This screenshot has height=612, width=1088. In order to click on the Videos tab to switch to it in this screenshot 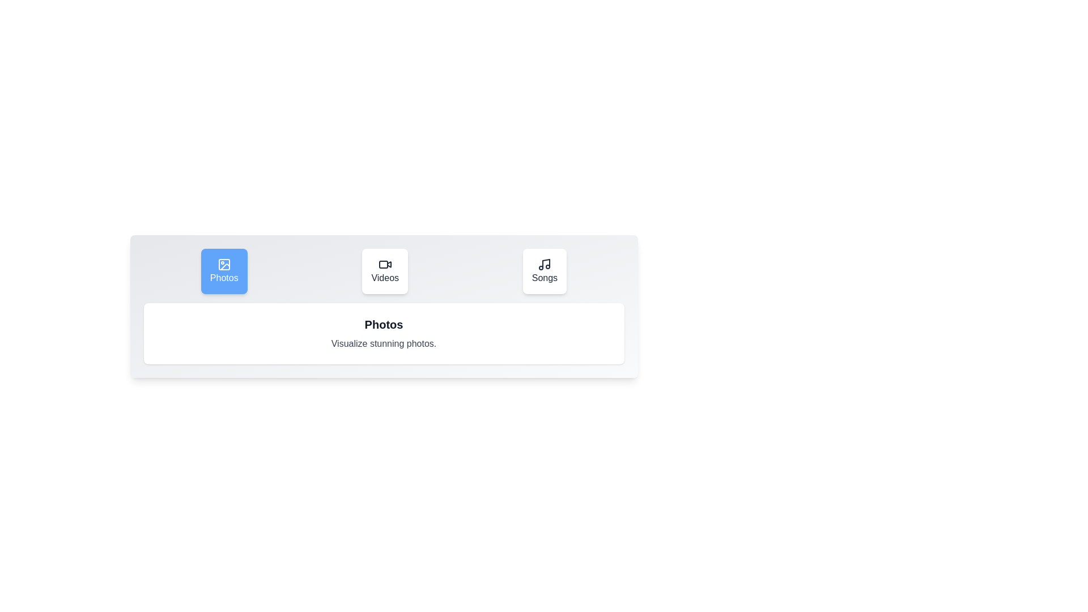, I will do `click(385, 271)`.